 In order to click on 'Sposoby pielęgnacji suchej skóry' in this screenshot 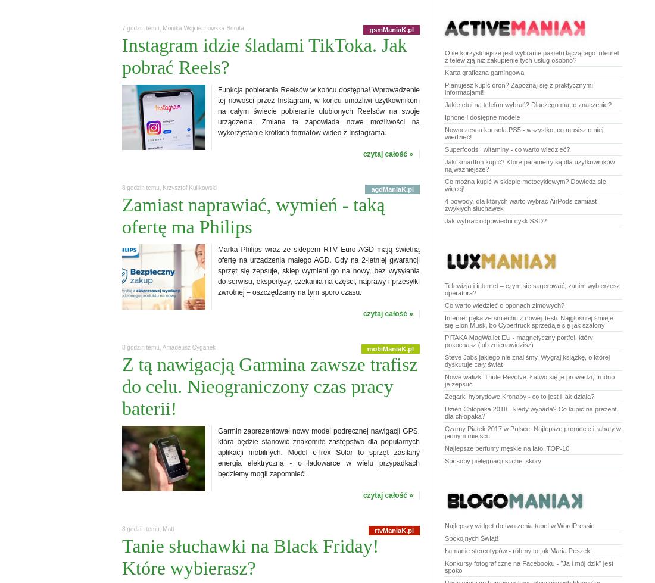, I will do `click(492, 460)`.